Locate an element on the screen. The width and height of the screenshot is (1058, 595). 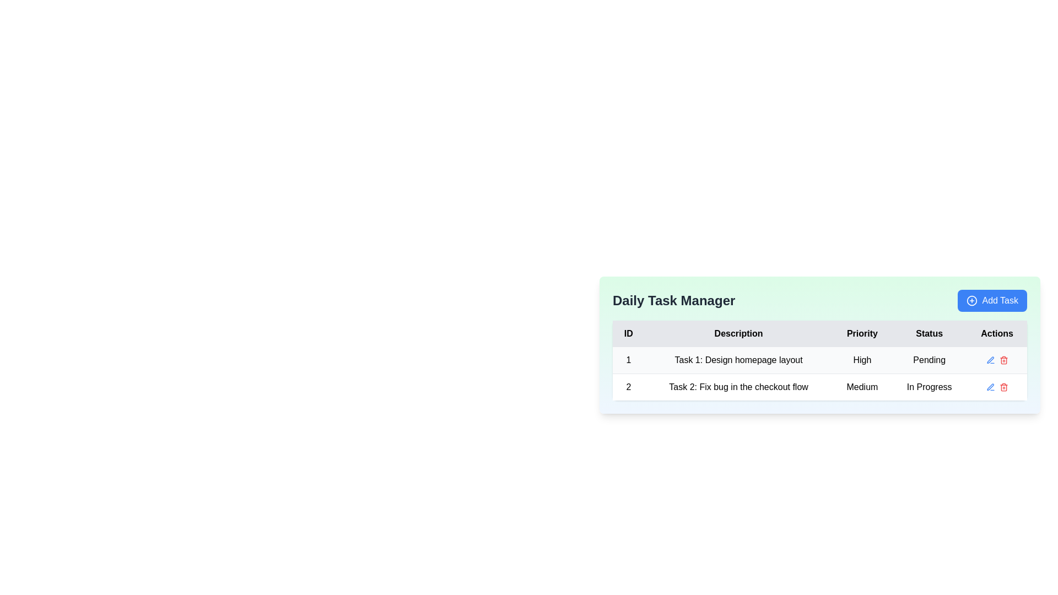
the 'Actions' text label, which is the fifth column header in a table layout, centered within a light gray rectangular background is located at coordinates (997, 333).